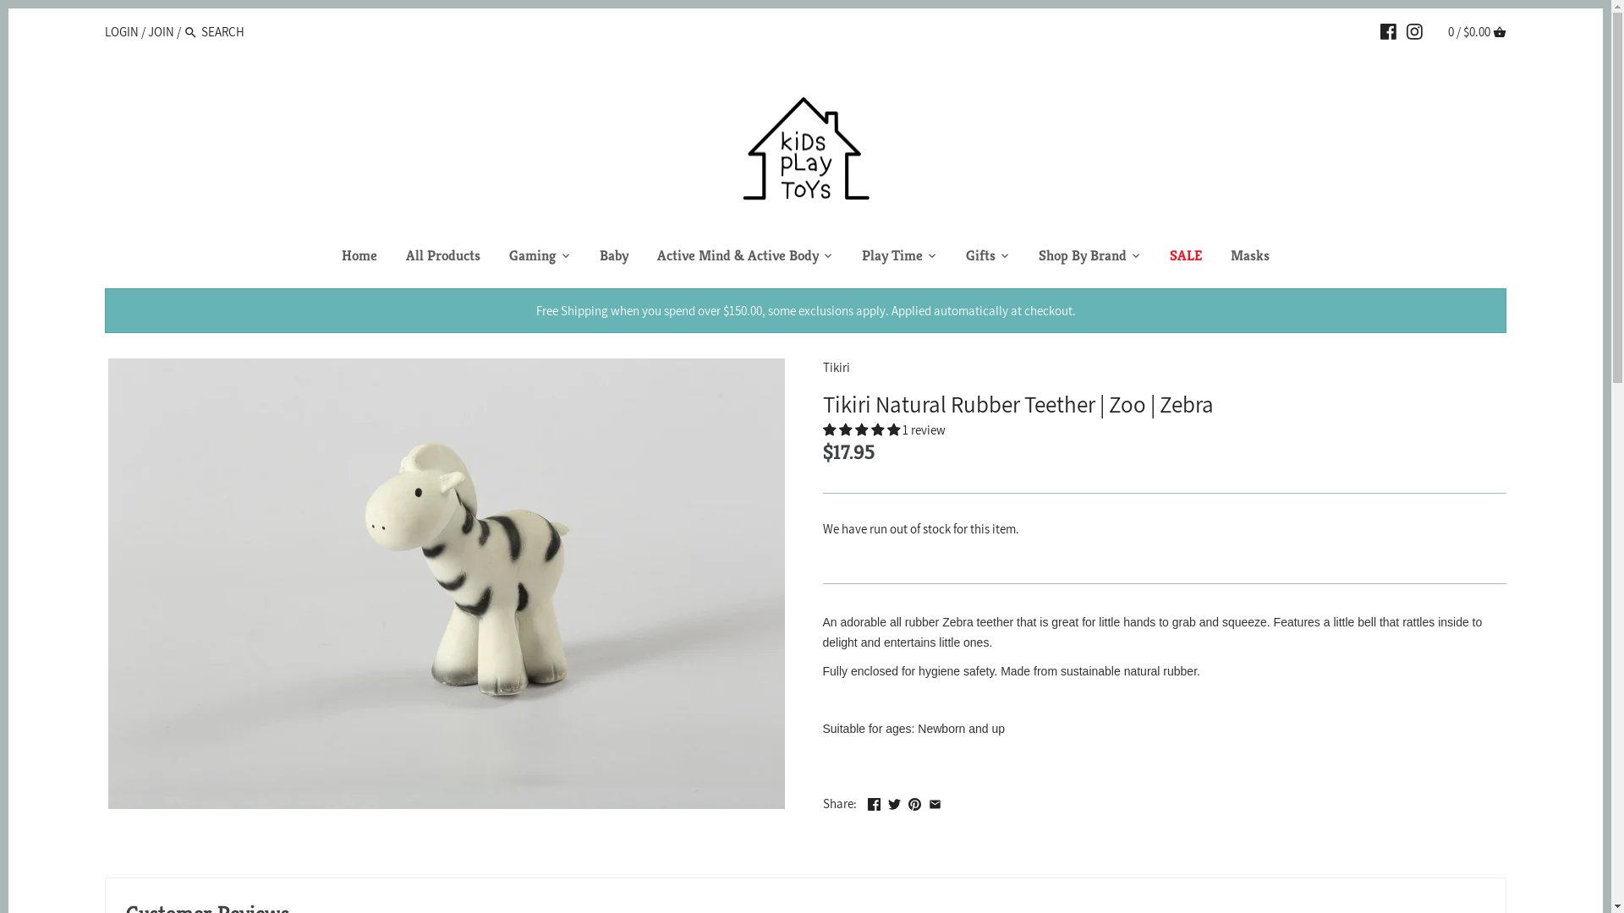 This screenshot has height=913, width=1624. I want to click on 'Play Time', so click(892, 257).